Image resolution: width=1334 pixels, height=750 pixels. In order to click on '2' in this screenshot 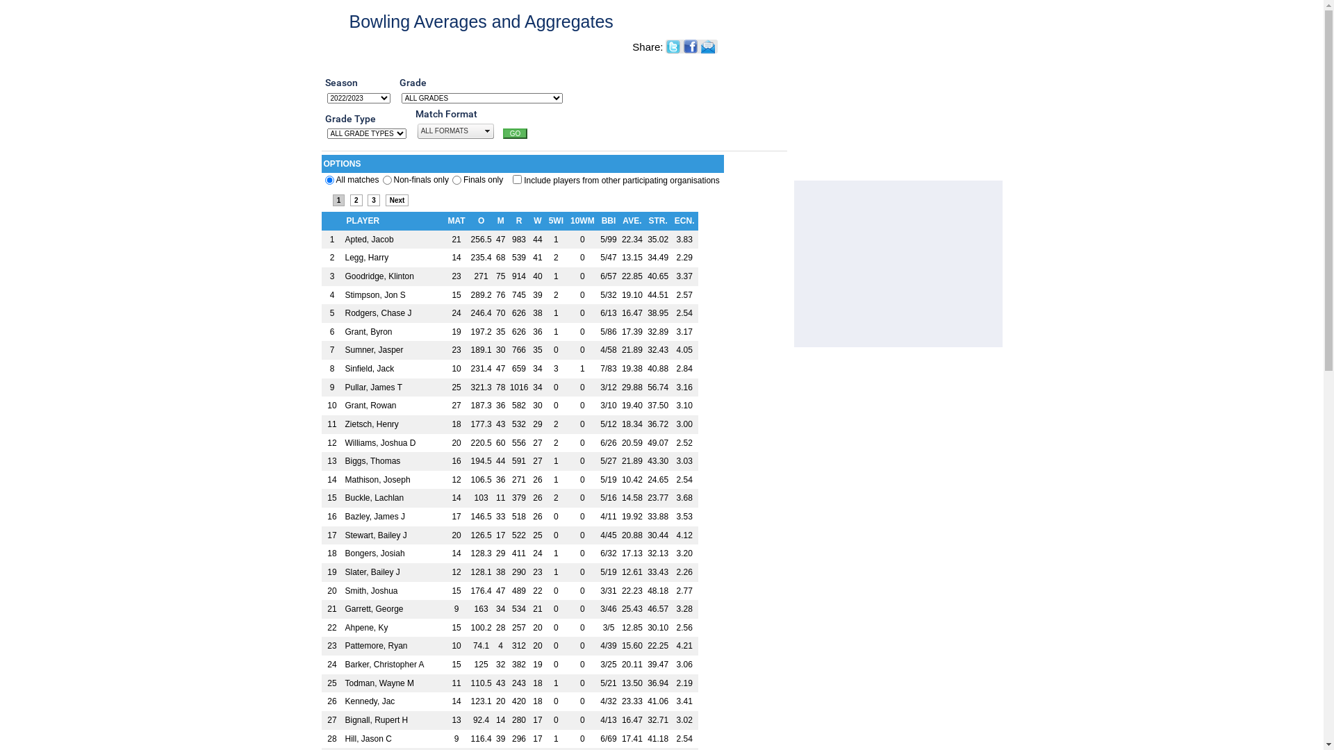, I will do `click(456, 179)`.